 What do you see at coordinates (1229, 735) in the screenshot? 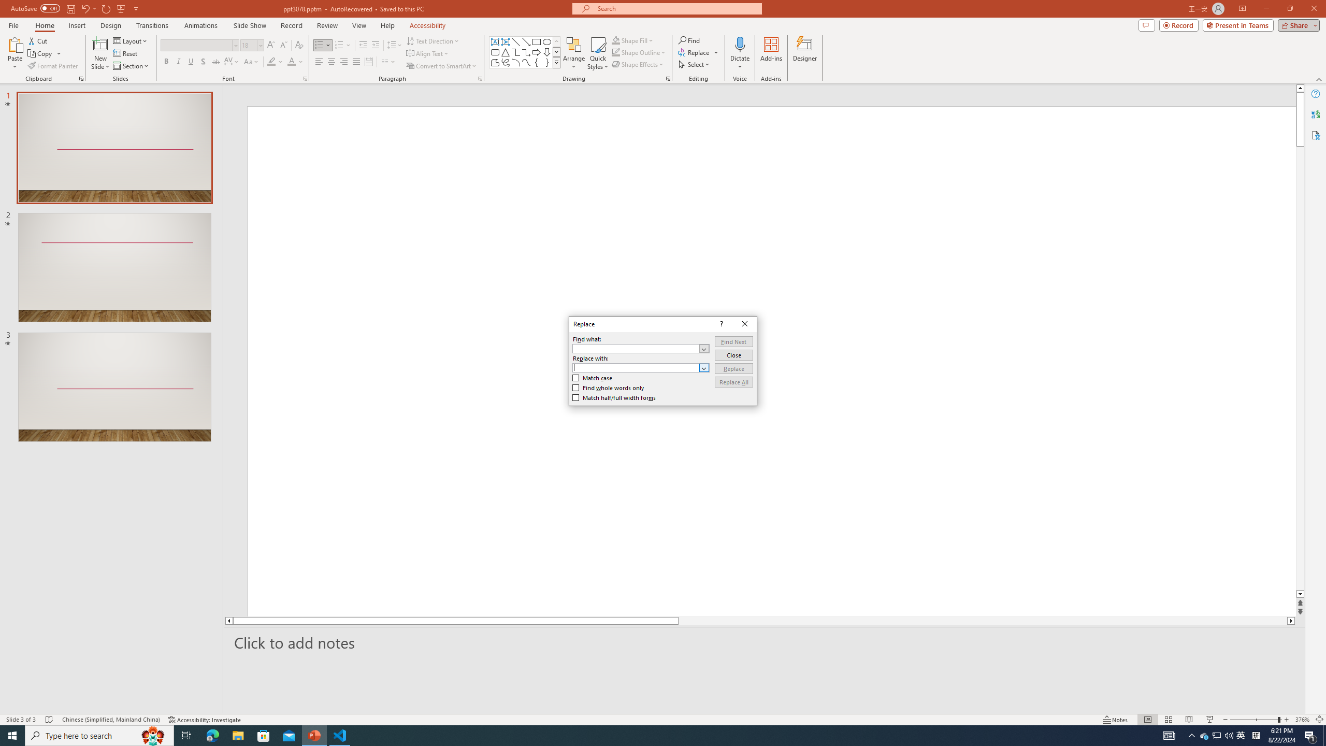
I see `'Q2790: 100%'` at bounding box center [1229, 735].